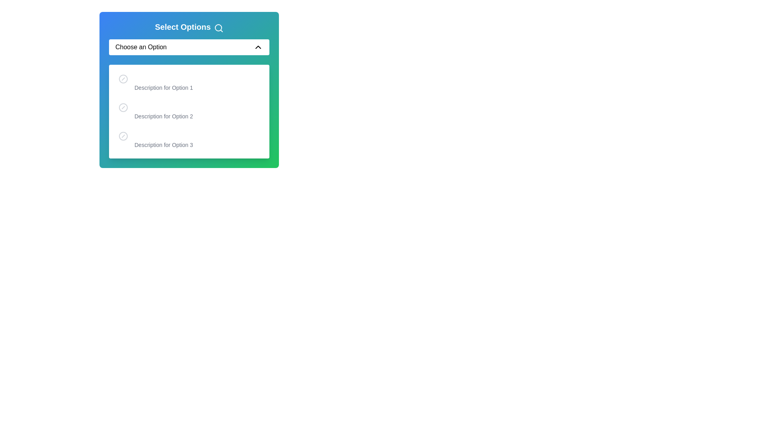 This screenshot has width=764, height=429. Describe the element at coordinates (189, 111) in the screenshot. I see `the list item displaying 'Option 2'` at that location.